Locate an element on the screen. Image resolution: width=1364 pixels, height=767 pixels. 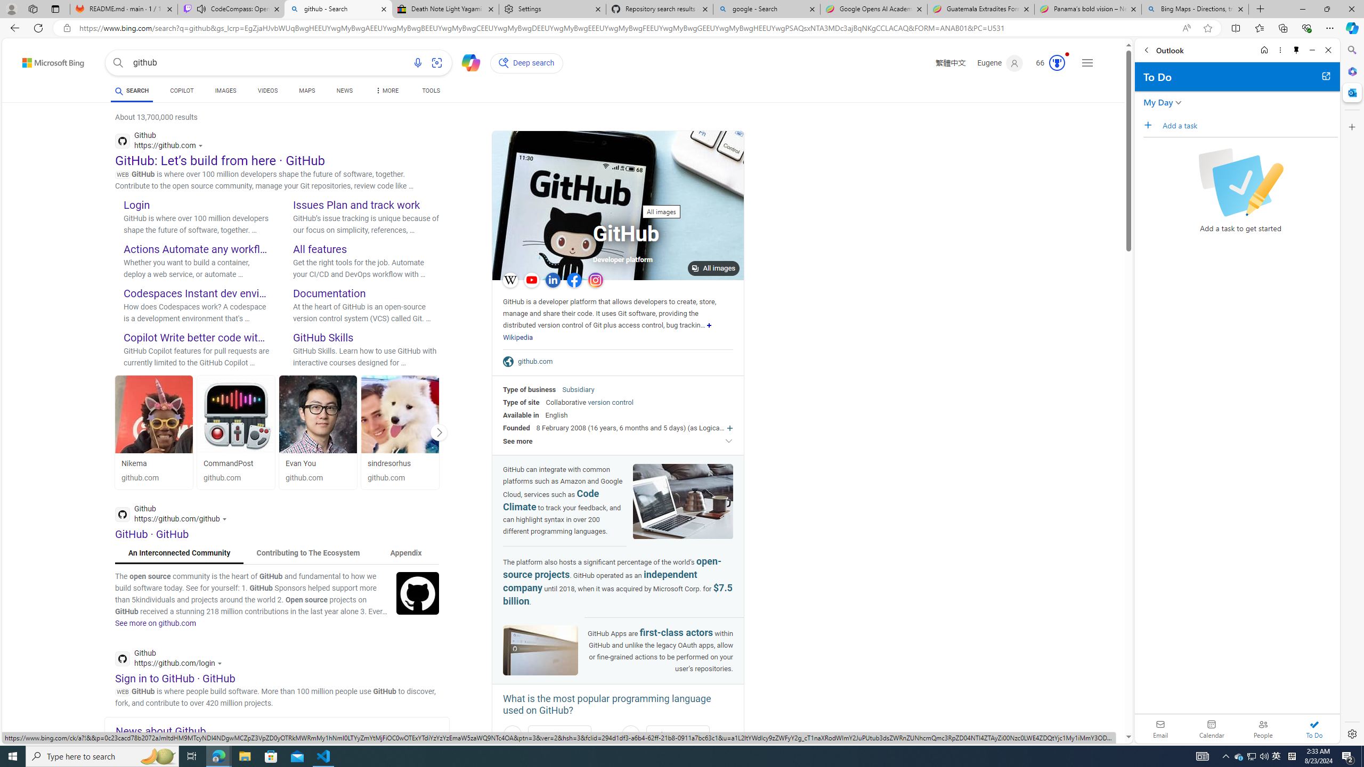
'CommandPost' is located at coordinates (237, 414).